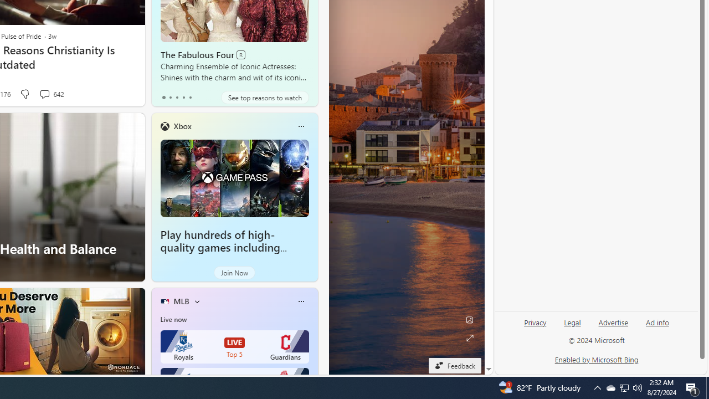 The image size is (709, 399). What do you see at coordinates (163, 97) in the screenshot?
I see `'tab-0'` at bounding box center [163, 97].